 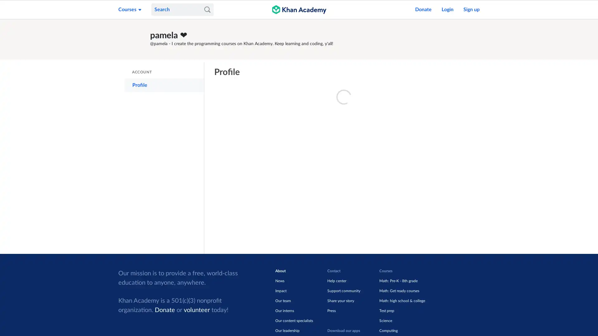 What do you see at coordinates (133, 39) in the screenshot?
I see `Jumping Hopper avatar. Click to change your avatar.` at bounding box center [133, 39].